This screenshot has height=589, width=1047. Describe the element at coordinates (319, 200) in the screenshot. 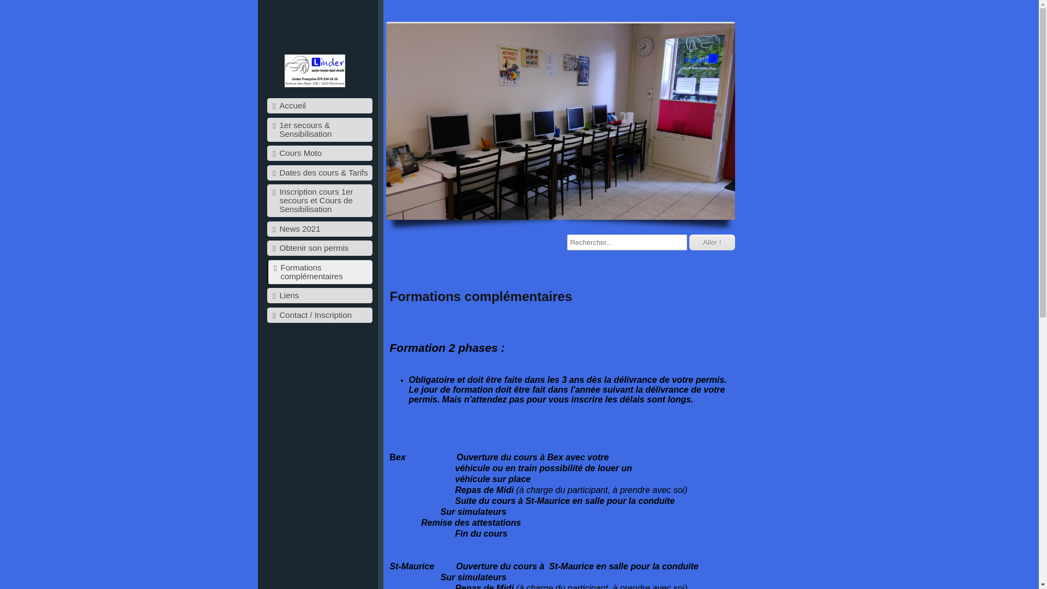

I see `'Inscription cours 1er secours et Cours de Sensibilisation'` at that location.